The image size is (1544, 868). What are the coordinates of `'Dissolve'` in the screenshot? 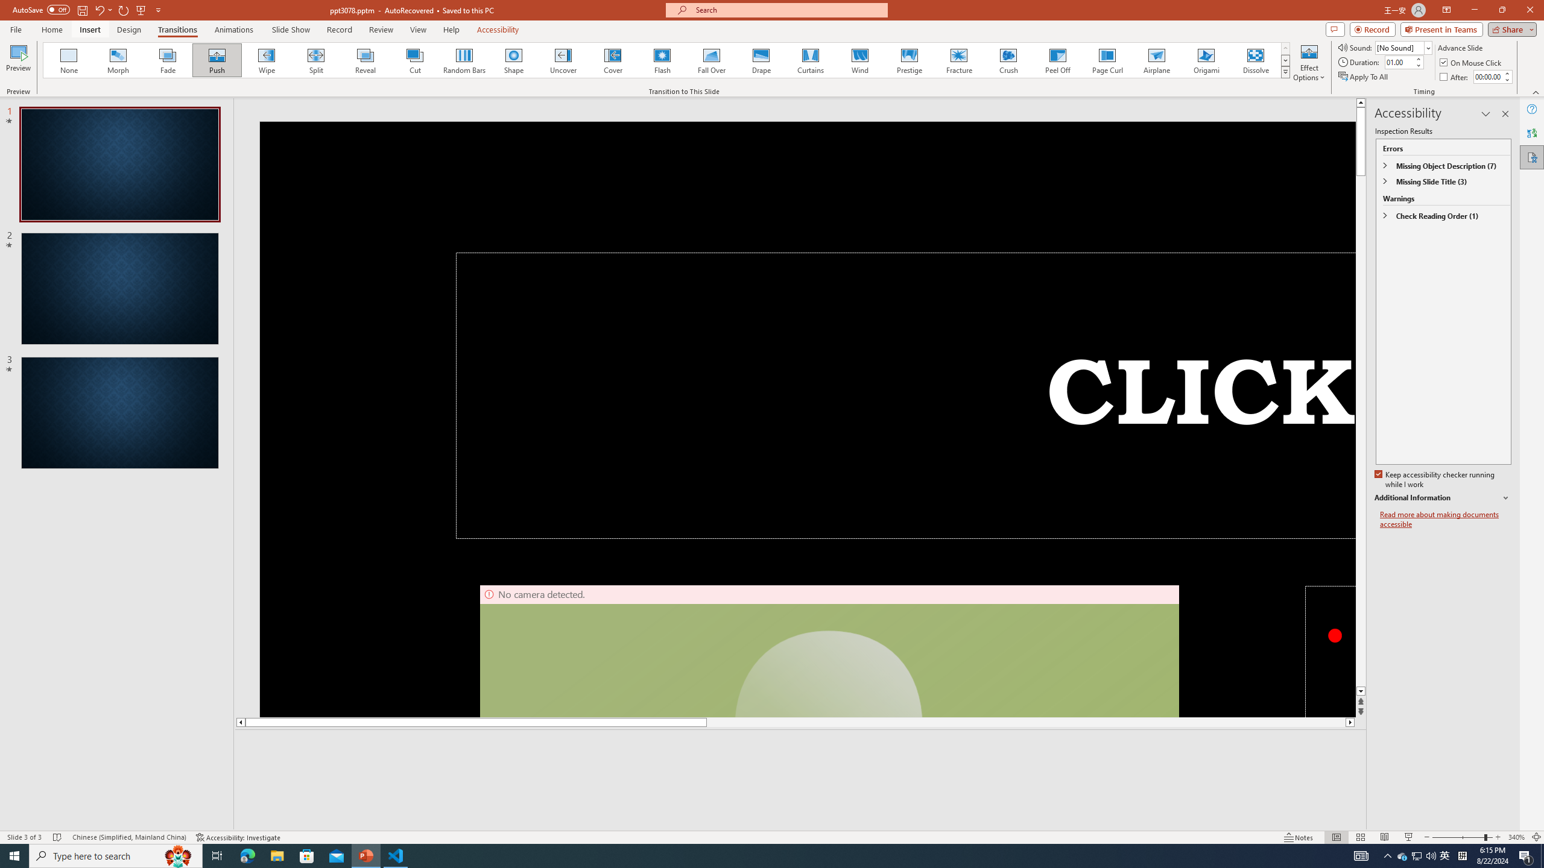 It's located at (1254, 60).